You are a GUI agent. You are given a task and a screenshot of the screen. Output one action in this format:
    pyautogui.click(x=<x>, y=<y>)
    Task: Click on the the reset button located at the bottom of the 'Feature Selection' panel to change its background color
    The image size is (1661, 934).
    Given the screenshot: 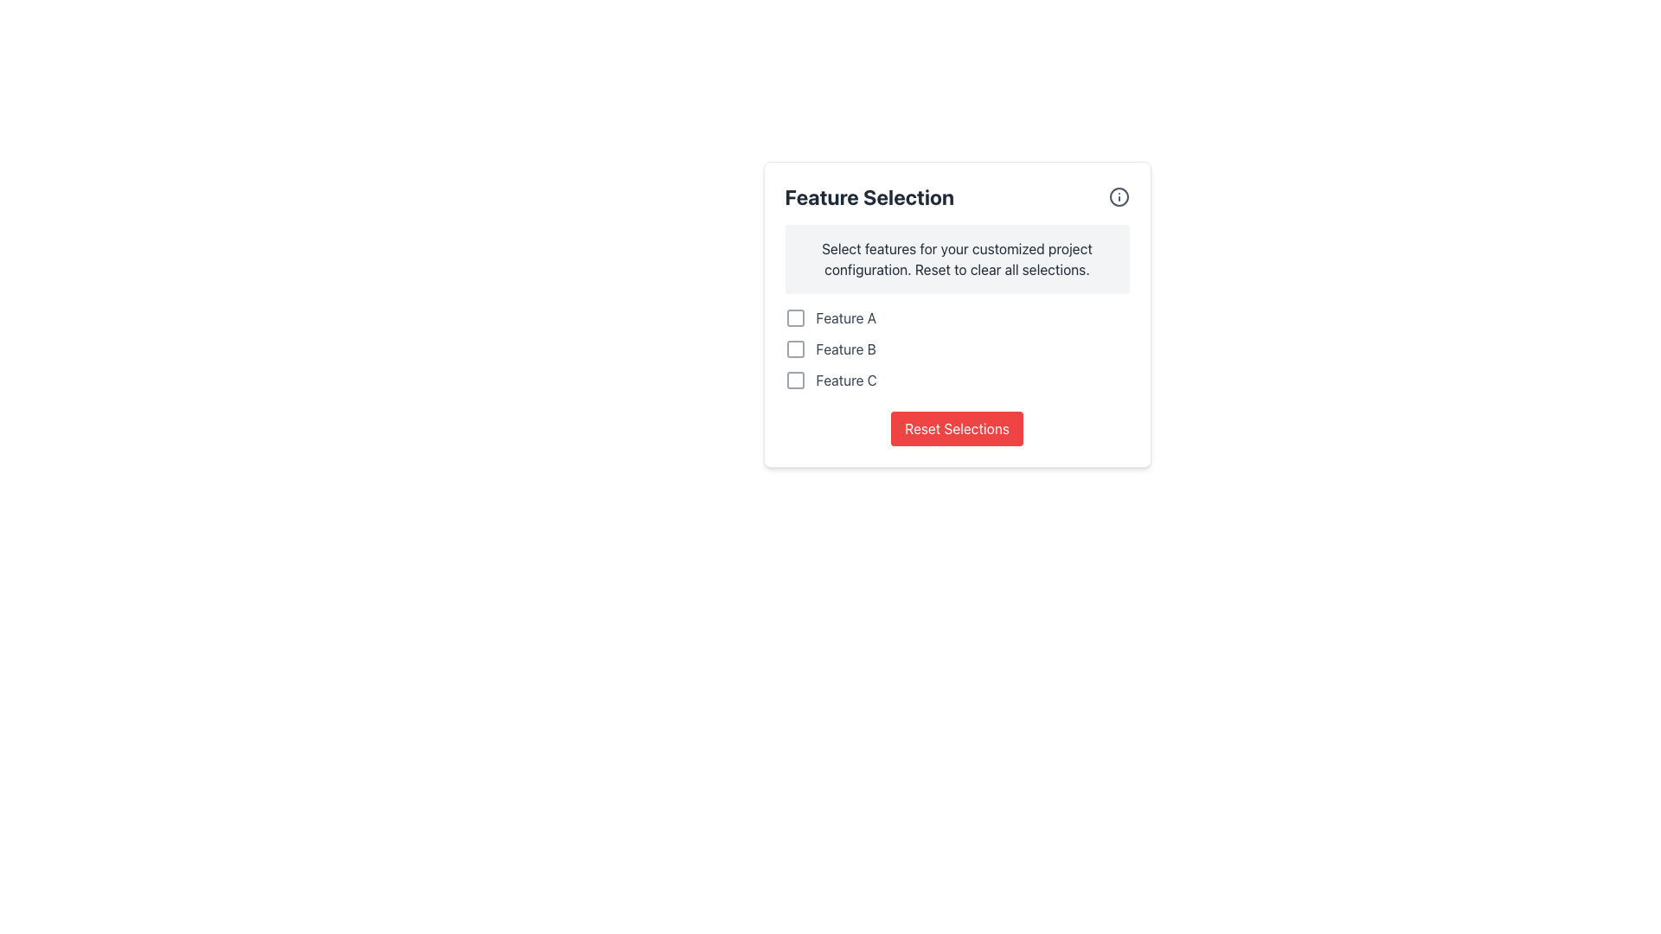 What is the action you would take?
    pyautogui.click(x=956, y=428)
    